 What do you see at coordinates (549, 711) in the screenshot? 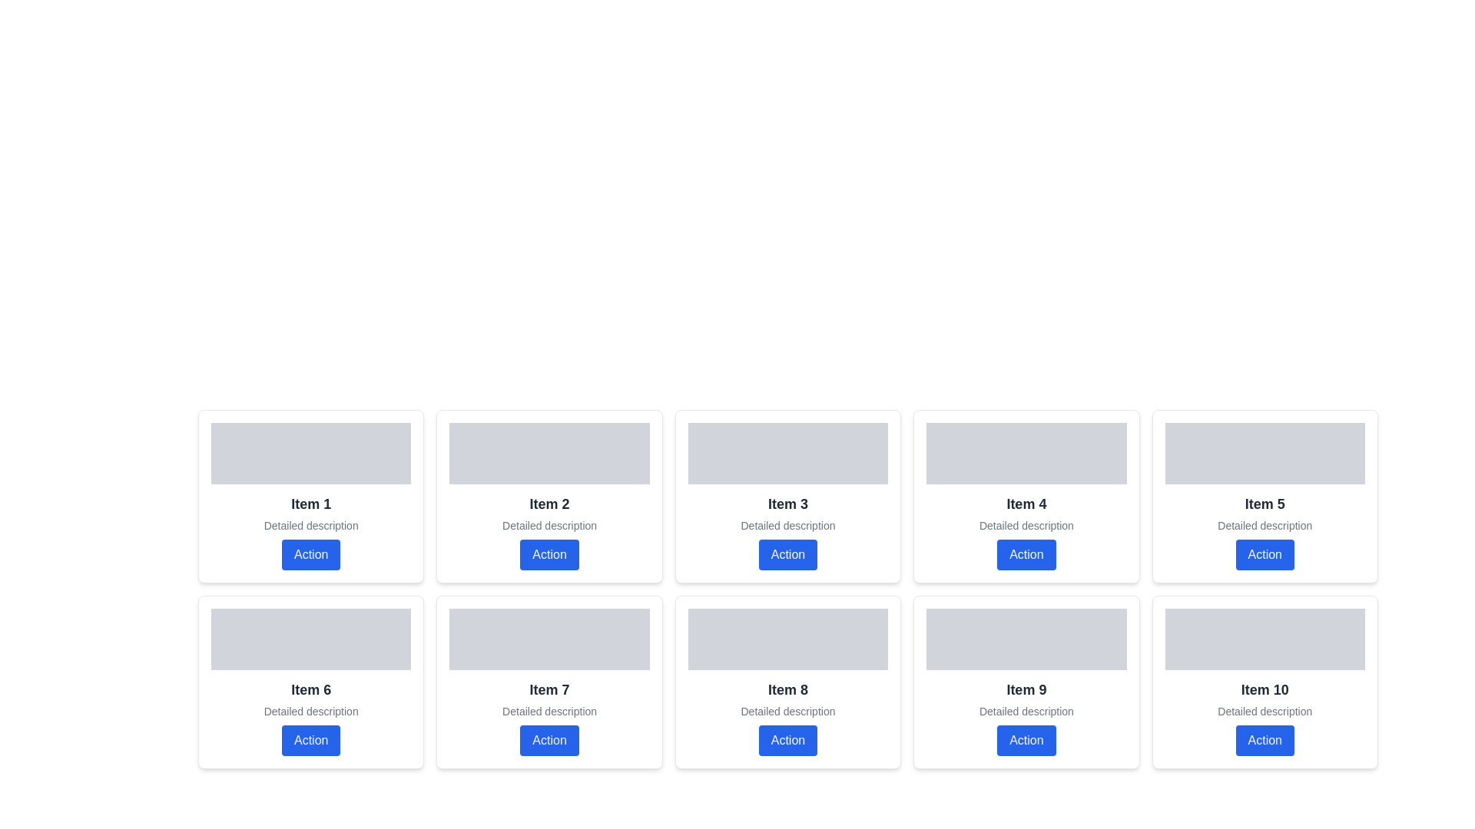
I see `the static text label displaying 'Detailed description', which is positioned below the bold text 'Item 7' and above the blue 'Action' button` at bounding box center [549, 711].